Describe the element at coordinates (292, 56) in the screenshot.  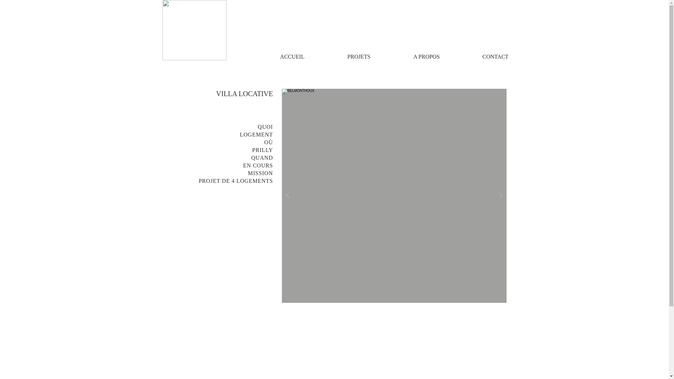
I see `'ACCUEIL'` at that location.